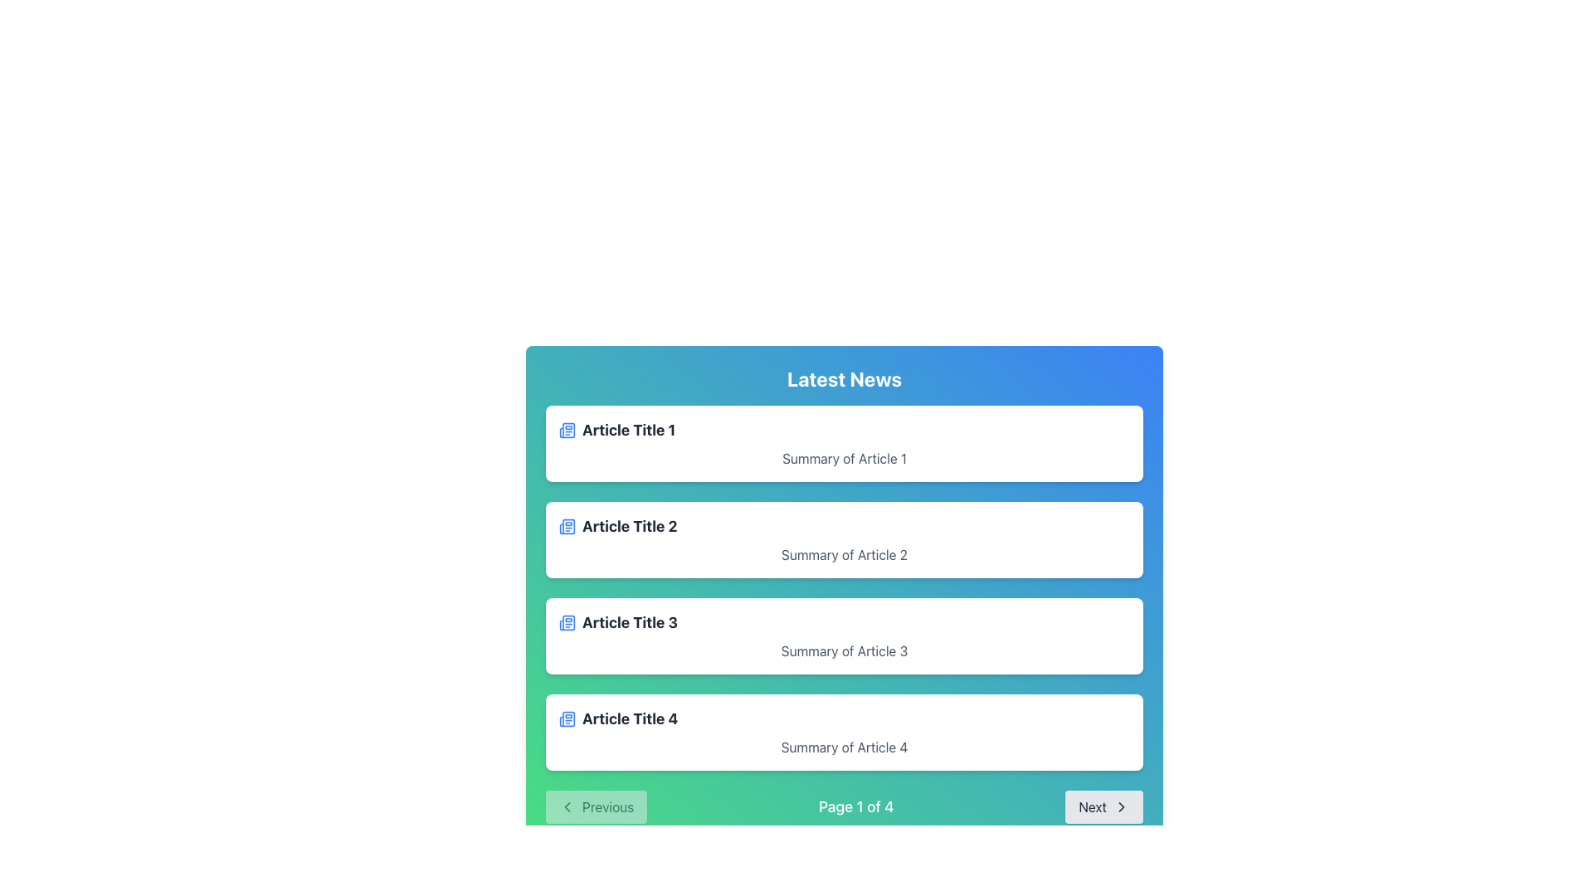  I want to click on text information from the Text Label located below 'Article Title 2' in the second card of article summaries, so click(844, 554).